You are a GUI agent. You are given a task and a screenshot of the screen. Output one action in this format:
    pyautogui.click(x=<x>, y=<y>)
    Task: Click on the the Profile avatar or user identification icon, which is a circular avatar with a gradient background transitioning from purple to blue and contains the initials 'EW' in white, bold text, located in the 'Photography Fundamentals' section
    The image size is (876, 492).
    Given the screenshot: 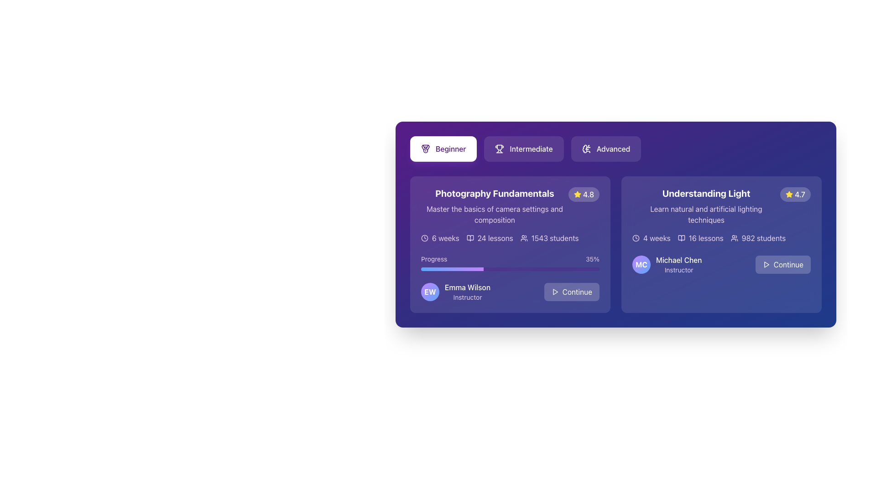 What is the action you would take?
    pyautogui.click(x=429, y=292)
    